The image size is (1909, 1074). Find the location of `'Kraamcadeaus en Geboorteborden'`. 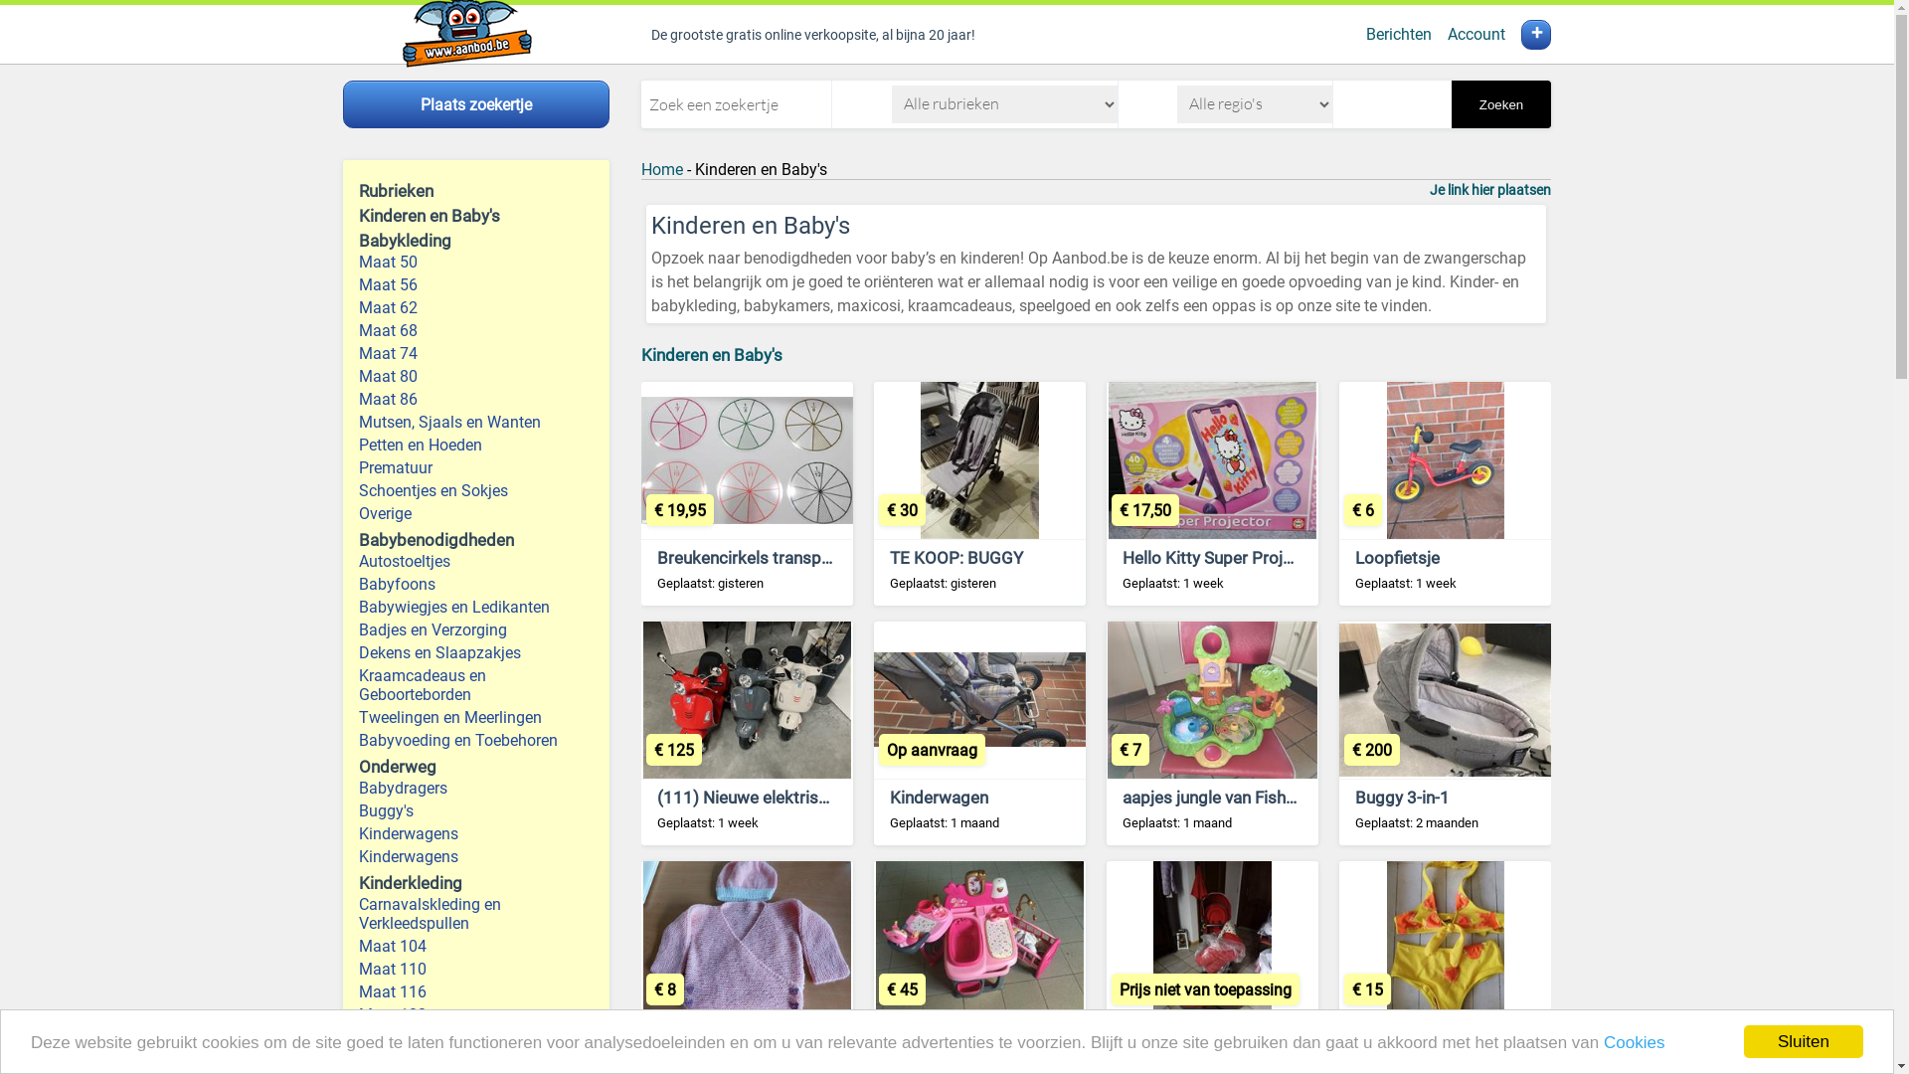

'Kraamcadeaus en Geboorteborden' is located at coordinates (475, 684).